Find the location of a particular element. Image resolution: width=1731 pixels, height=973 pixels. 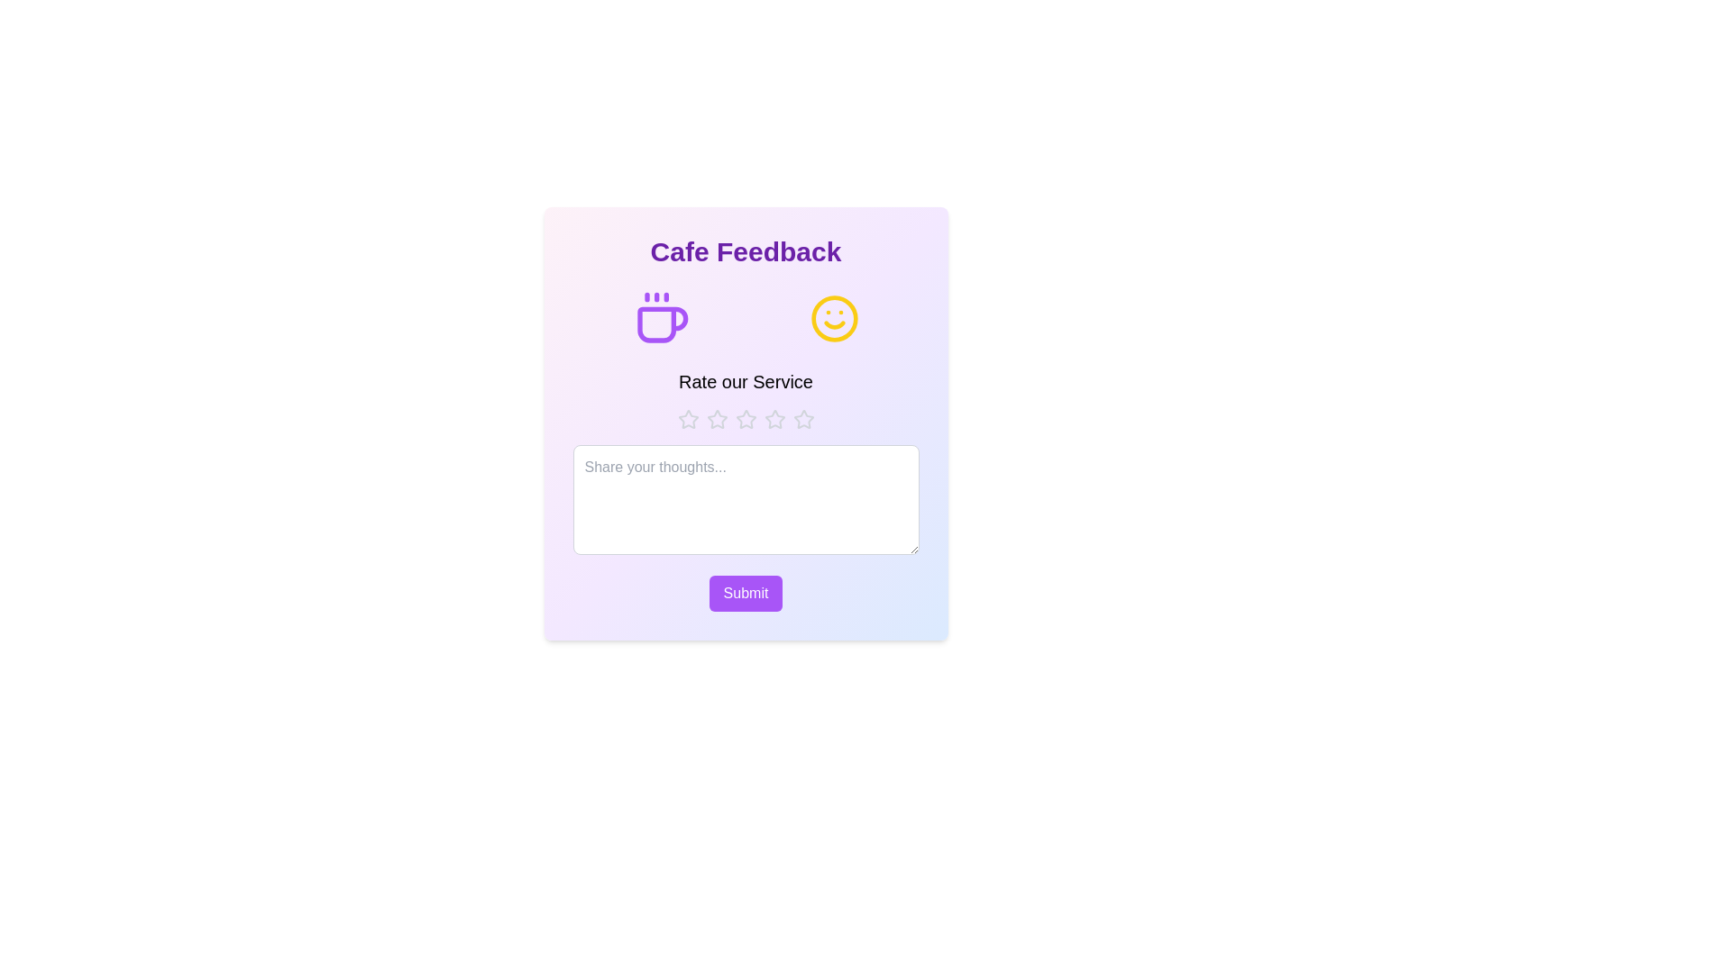

the star corresponding to the desired rating 3 to set the service rating is located at coordinates (746, 420).